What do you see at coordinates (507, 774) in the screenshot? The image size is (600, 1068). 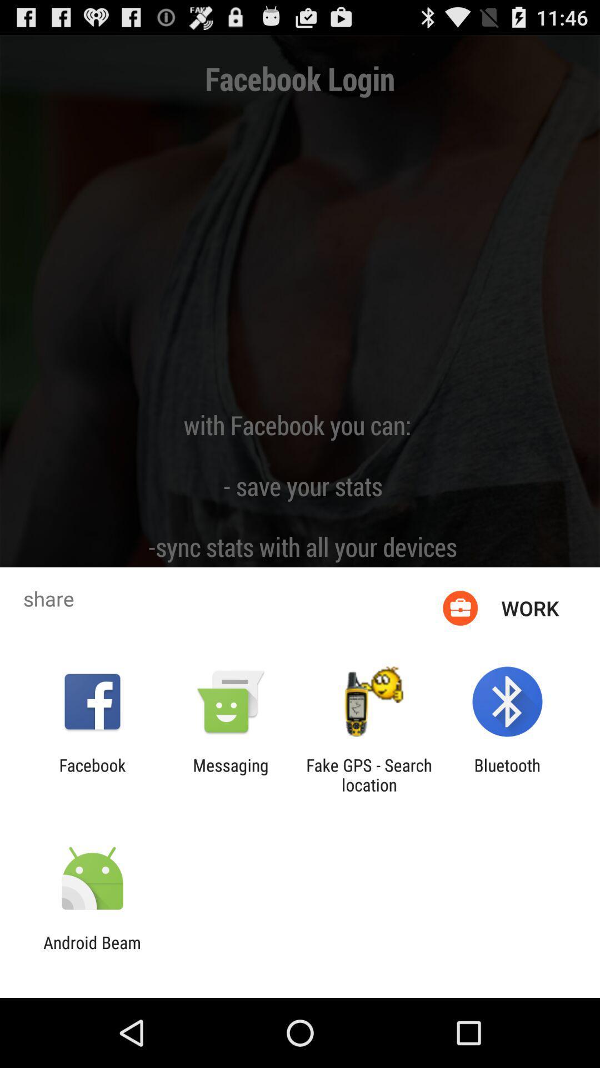 I see `the bluetooth item` at bounding box center [507, 774].